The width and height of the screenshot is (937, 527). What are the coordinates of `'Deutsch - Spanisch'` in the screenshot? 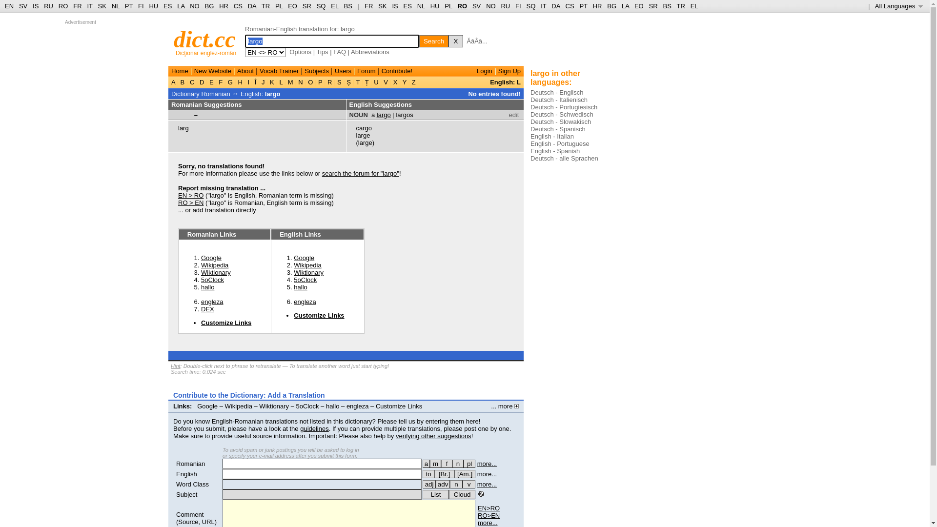 It's located at (558, 128).